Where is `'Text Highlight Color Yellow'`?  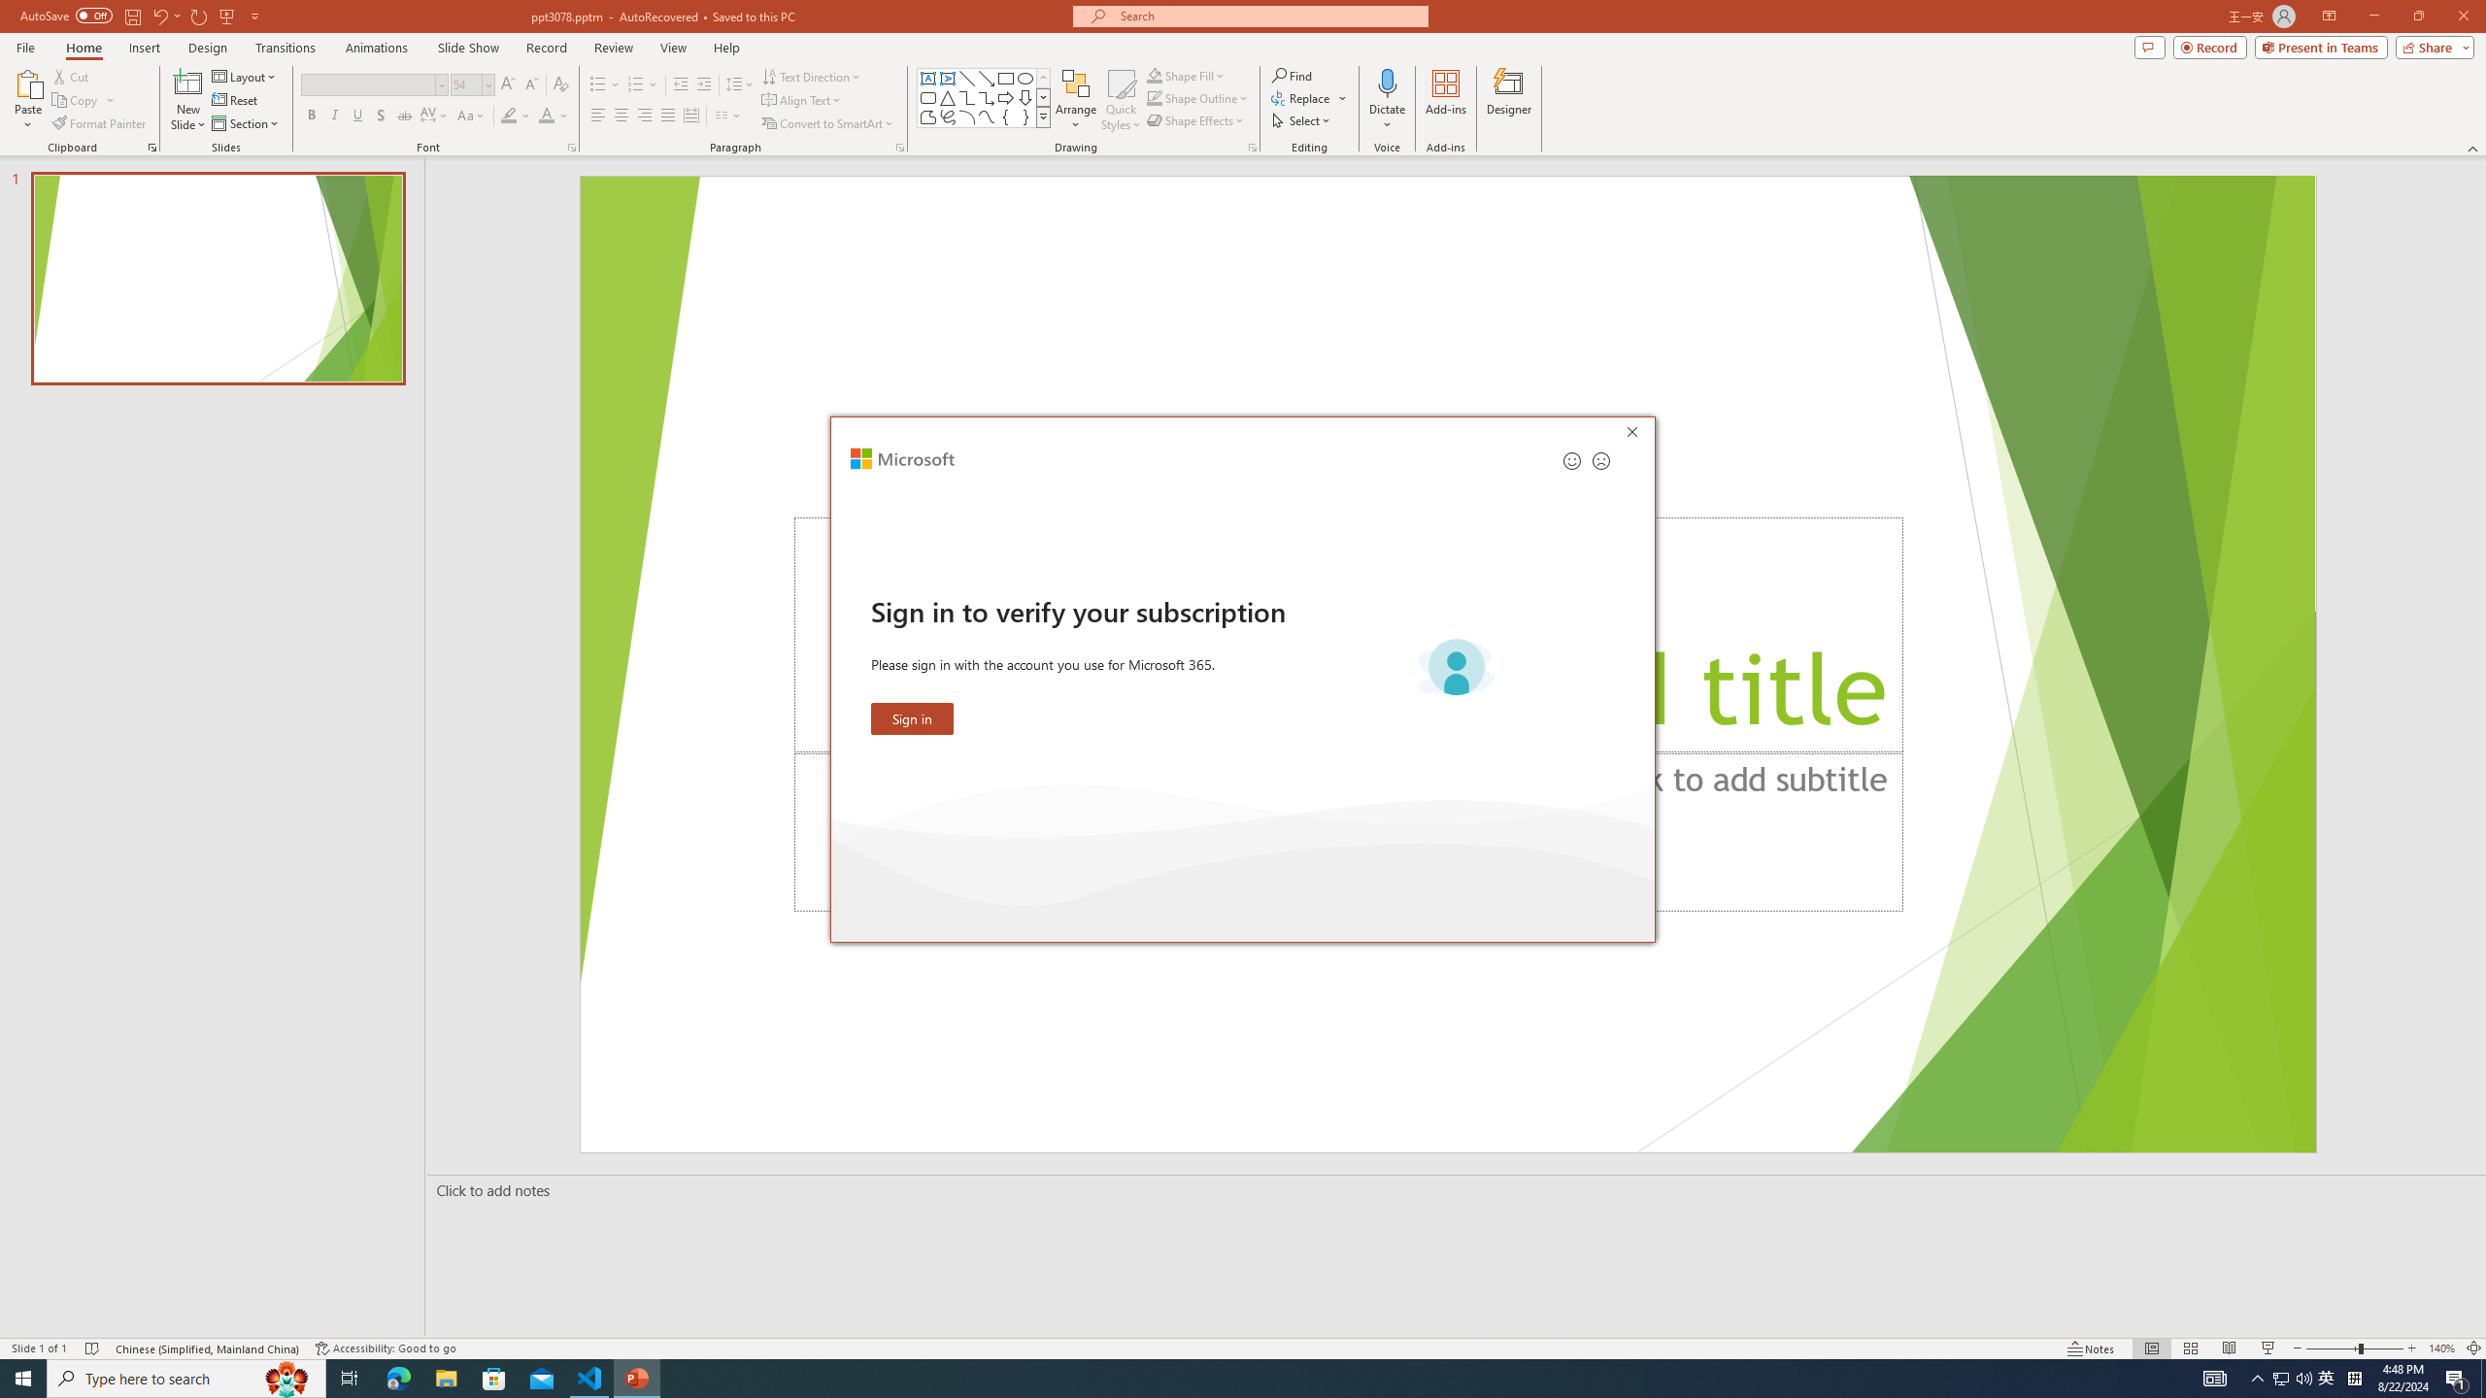
'Text Highlight Color Yellow' is located at coordinates (507, 115).